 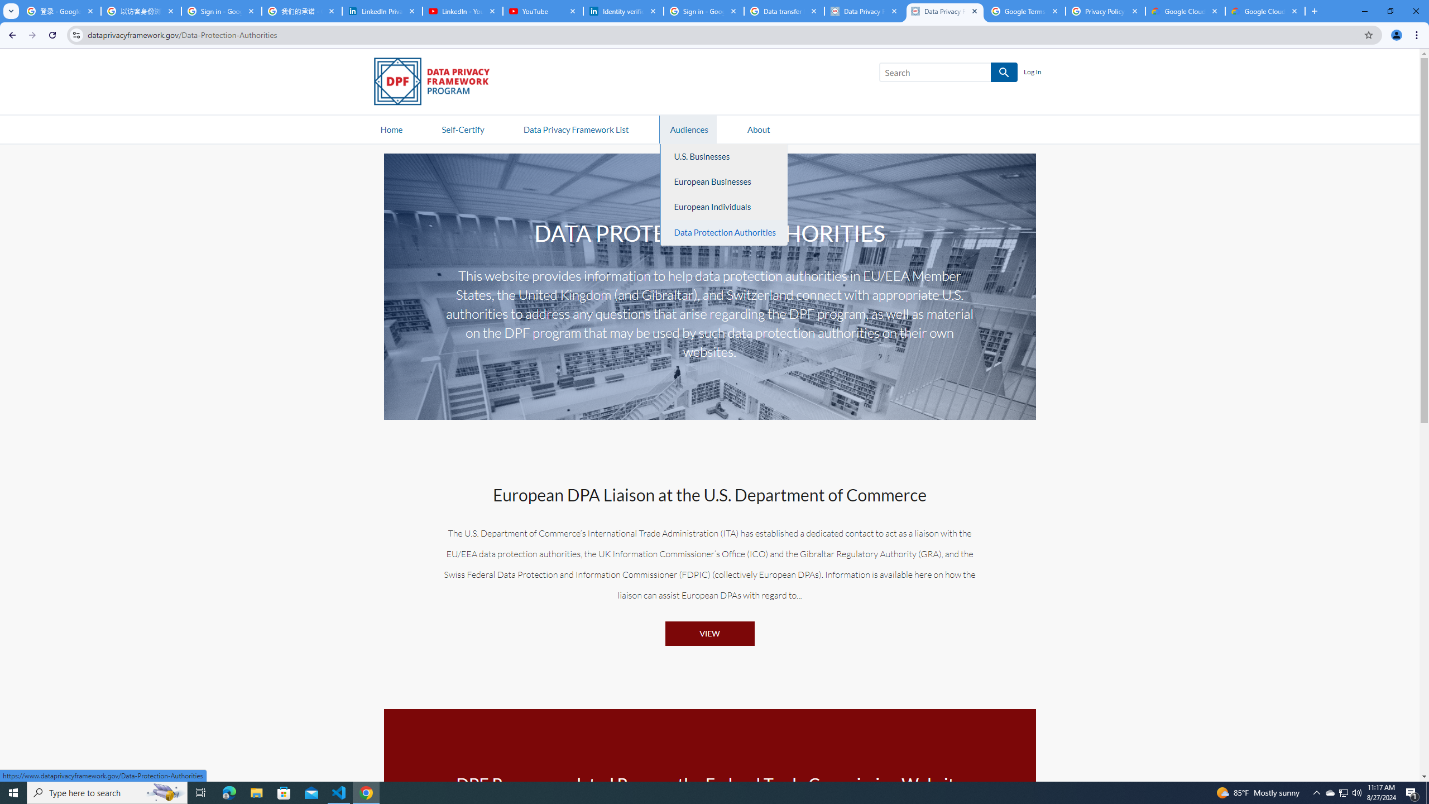 What do you see at coordinates (725, 181) in the screenshot?
I see `'European Businesses'` at bounding box center [725, 181].